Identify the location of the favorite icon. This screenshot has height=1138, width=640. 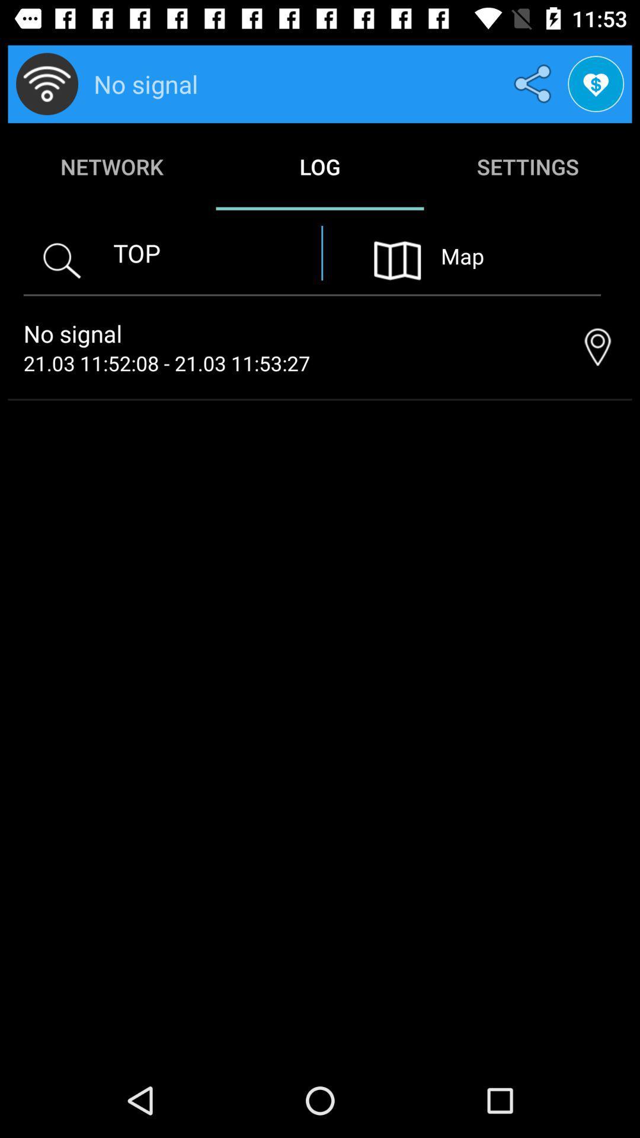
(596, 83).